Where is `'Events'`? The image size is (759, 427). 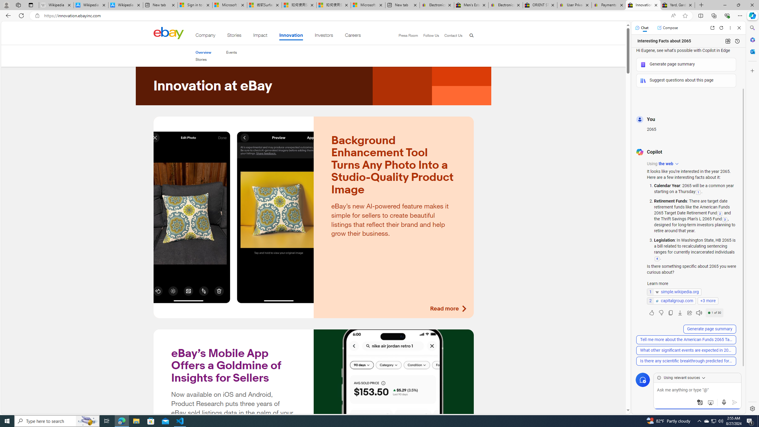
'Events' is located at coordinates (231, 52).